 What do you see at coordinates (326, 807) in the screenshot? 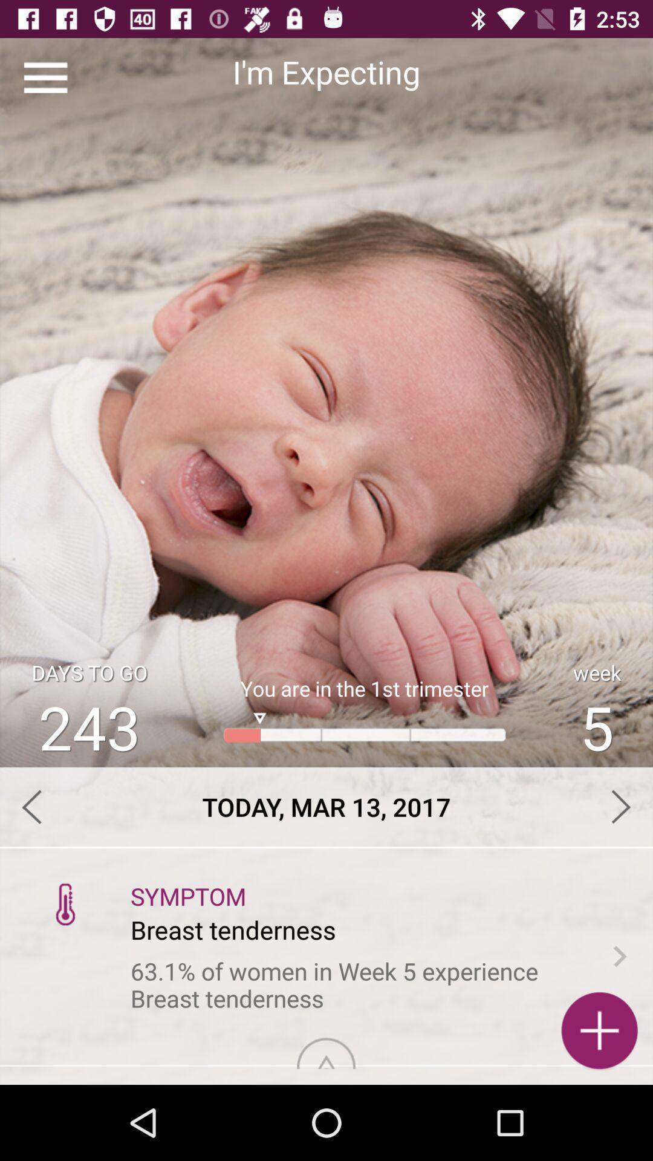
I see `today mar 13 button` at bounding box center [326, 807].